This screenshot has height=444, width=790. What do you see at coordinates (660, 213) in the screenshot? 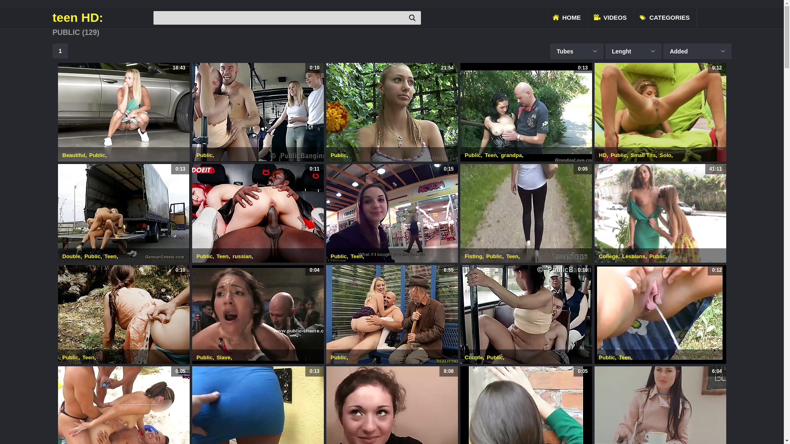
I see `'41:11'` at bounding box center [660, 213].